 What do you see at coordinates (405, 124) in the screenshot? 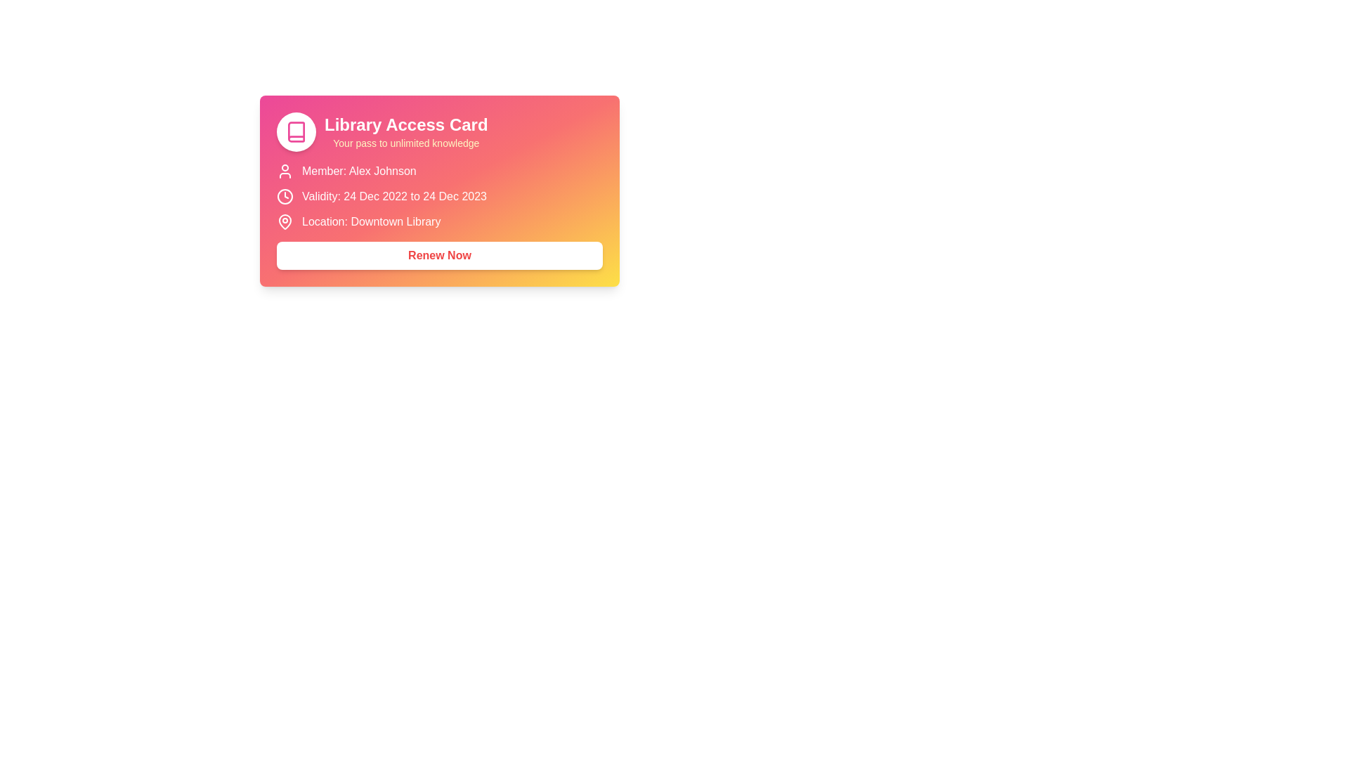
I see `the title text element located at the top of the card, which serves as the headline indicating its purpose, centered above the subtitle 'Your pass to unlimited knowledge'` at bounding box center [405, 124].